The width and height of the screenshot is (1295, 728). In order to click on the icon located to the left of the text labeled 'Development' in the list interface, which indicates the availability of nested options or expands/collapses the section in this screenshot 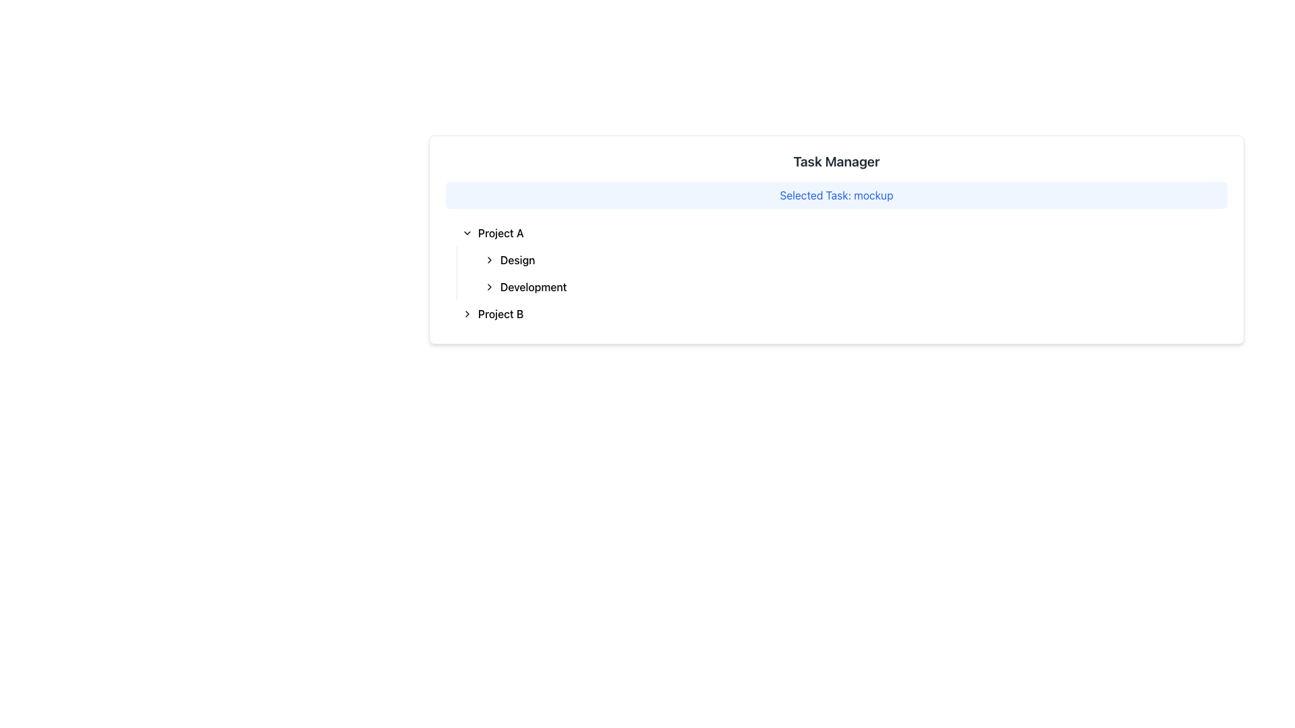, I will do `click(488, 286)`.